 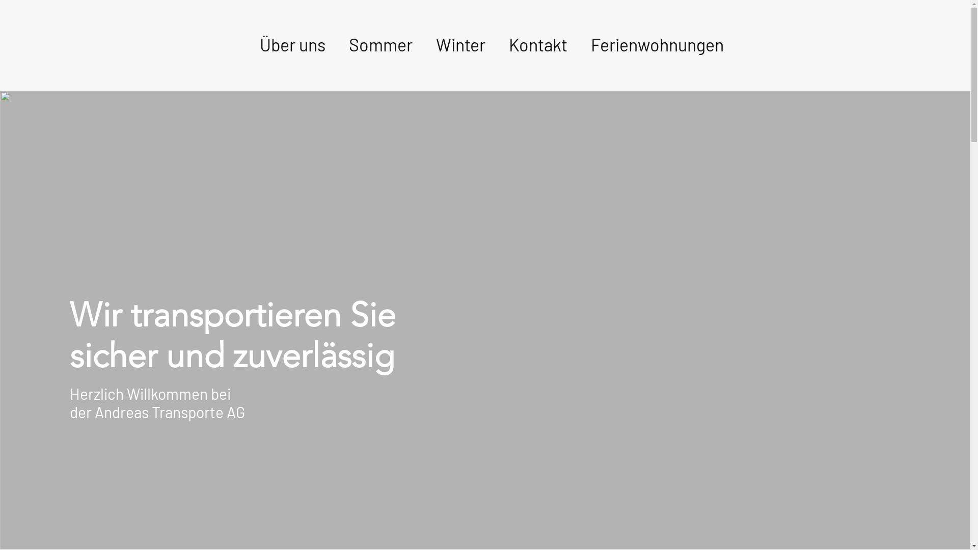 What do you see at coordinates (380, 44) in the screenshot?
I see `'Sommer'` at bounding box center [380, 44].